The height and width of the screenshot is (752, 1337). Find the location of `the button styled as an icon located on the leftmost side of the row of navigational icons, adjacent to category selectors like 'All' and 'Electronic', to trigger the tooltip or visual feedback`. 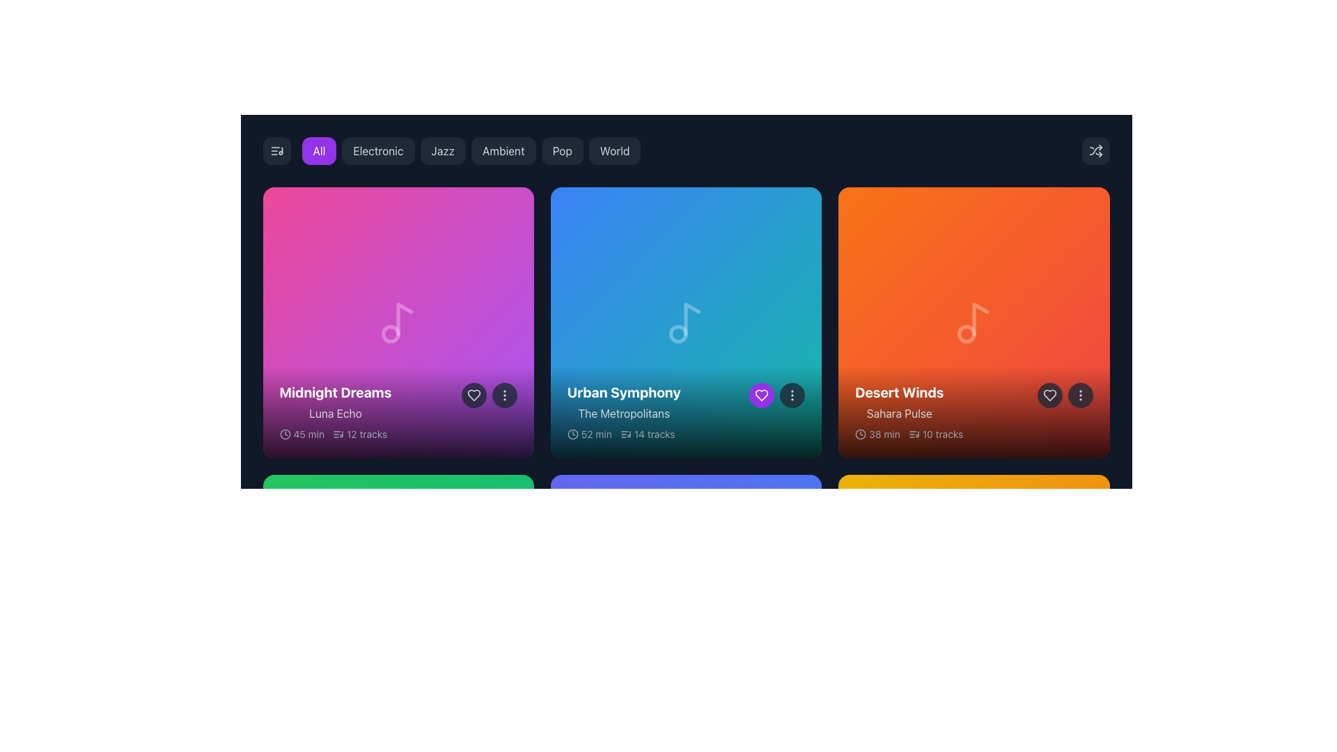

the button styled as an icon located on the leftmost side of the row of navigational icons, adjacent to category selectors like 'All' and 'Electronic', to trigger the tooltip or visual feedback is located at coordinates (276, 150).